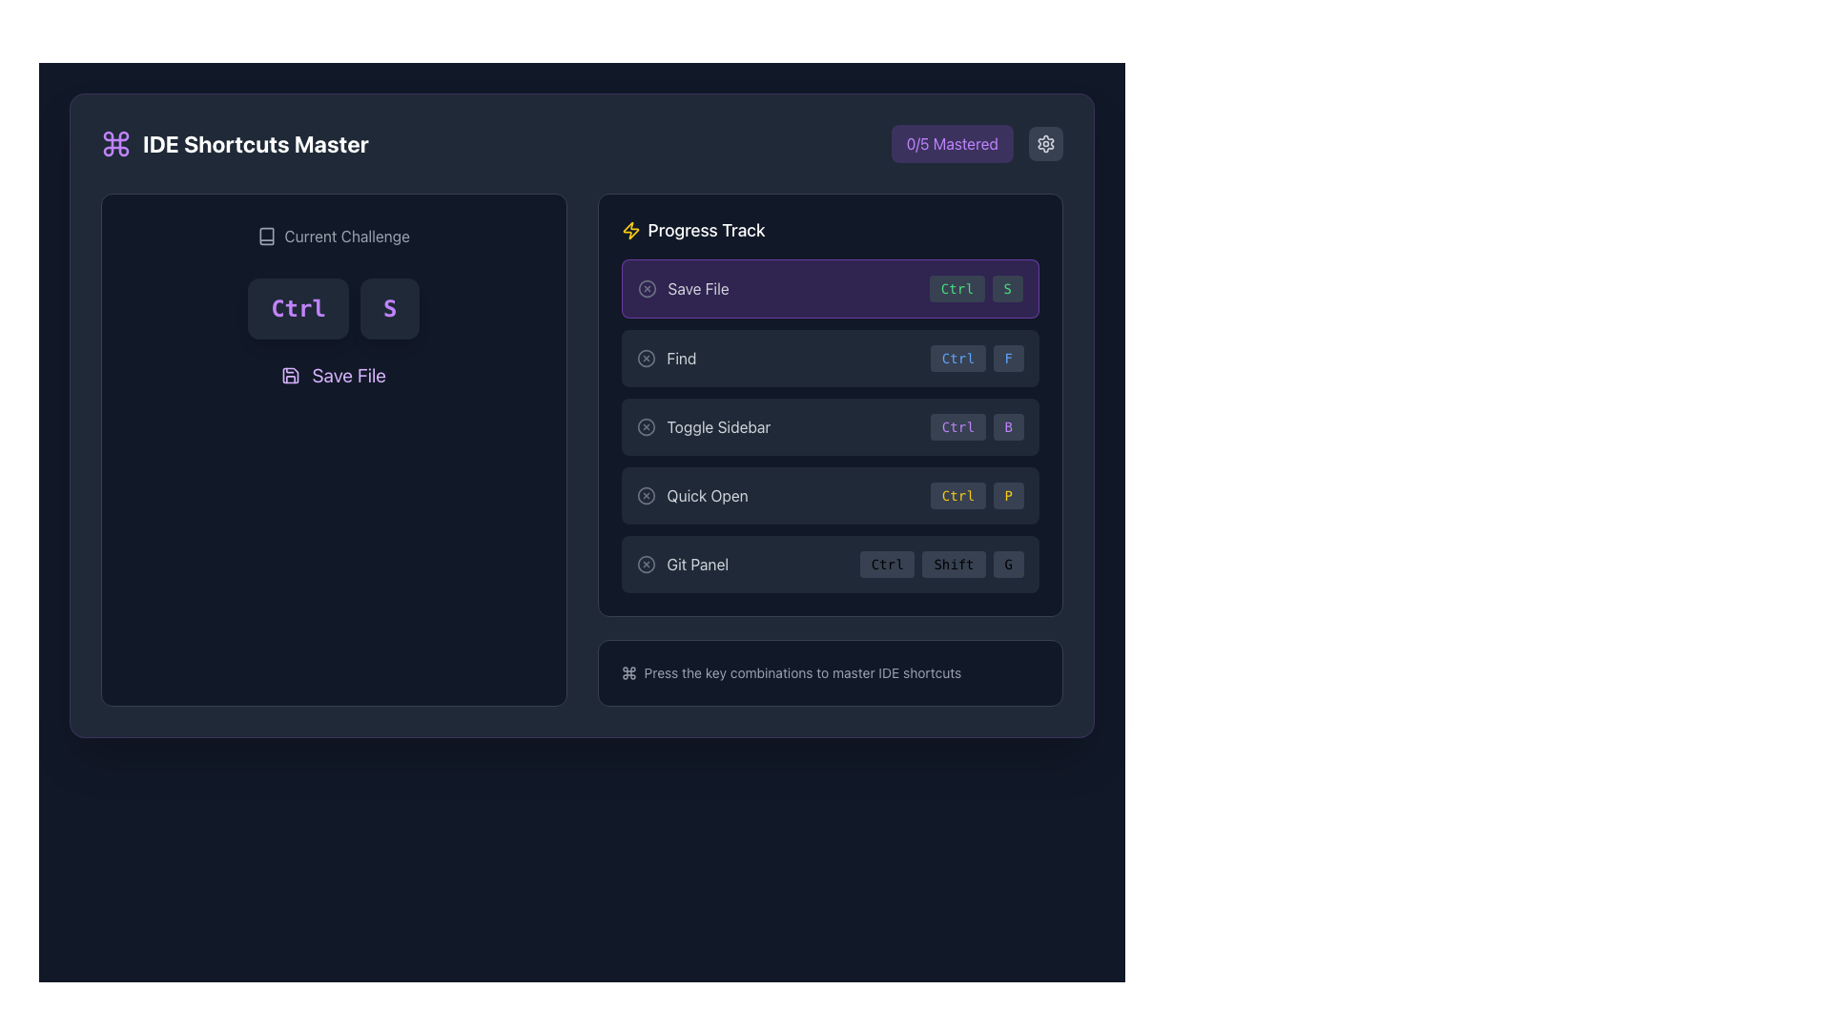  Describe the element at coordinates (830, 403) in the screenshot. I see `the 'Toggle Sidebar' list item in the 'Progress Track' section that shows the shortcut 'Ctrl B'` at that location.